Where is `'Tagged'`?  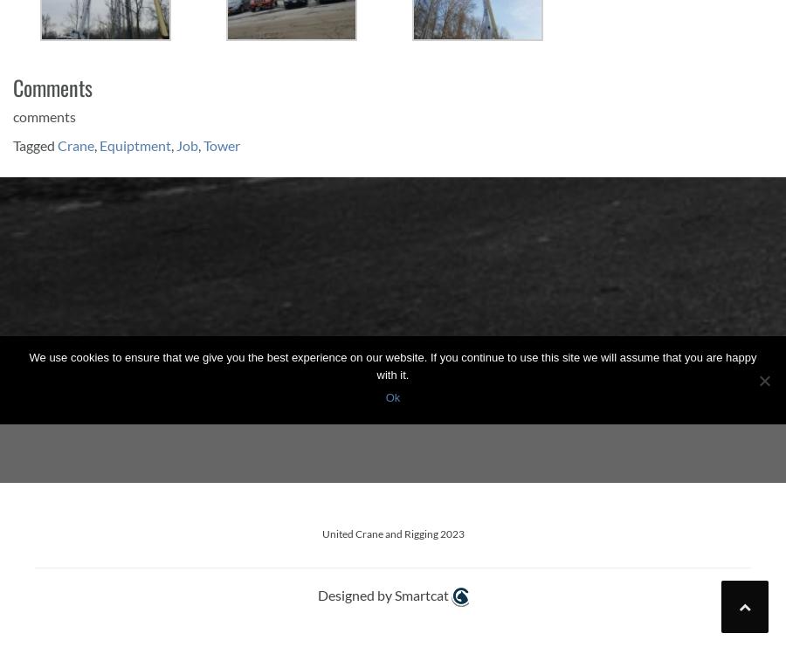 'Tagged' is located at coordinates (34, 143).